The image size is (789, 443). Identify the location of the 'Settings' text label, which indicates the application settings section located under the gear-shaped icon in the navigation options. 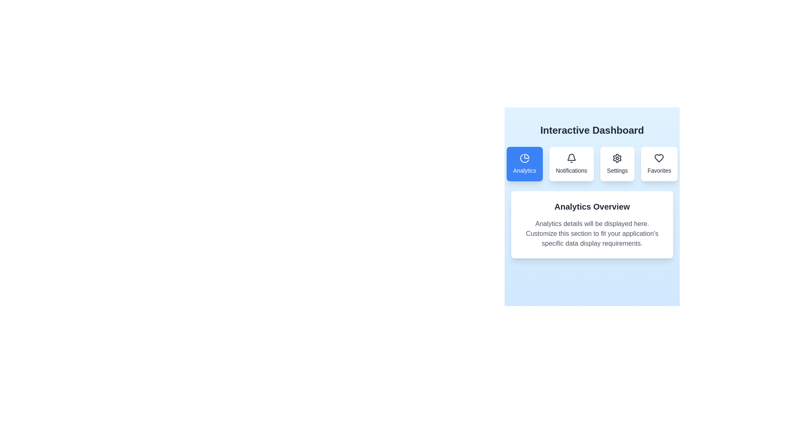
(617, 170).